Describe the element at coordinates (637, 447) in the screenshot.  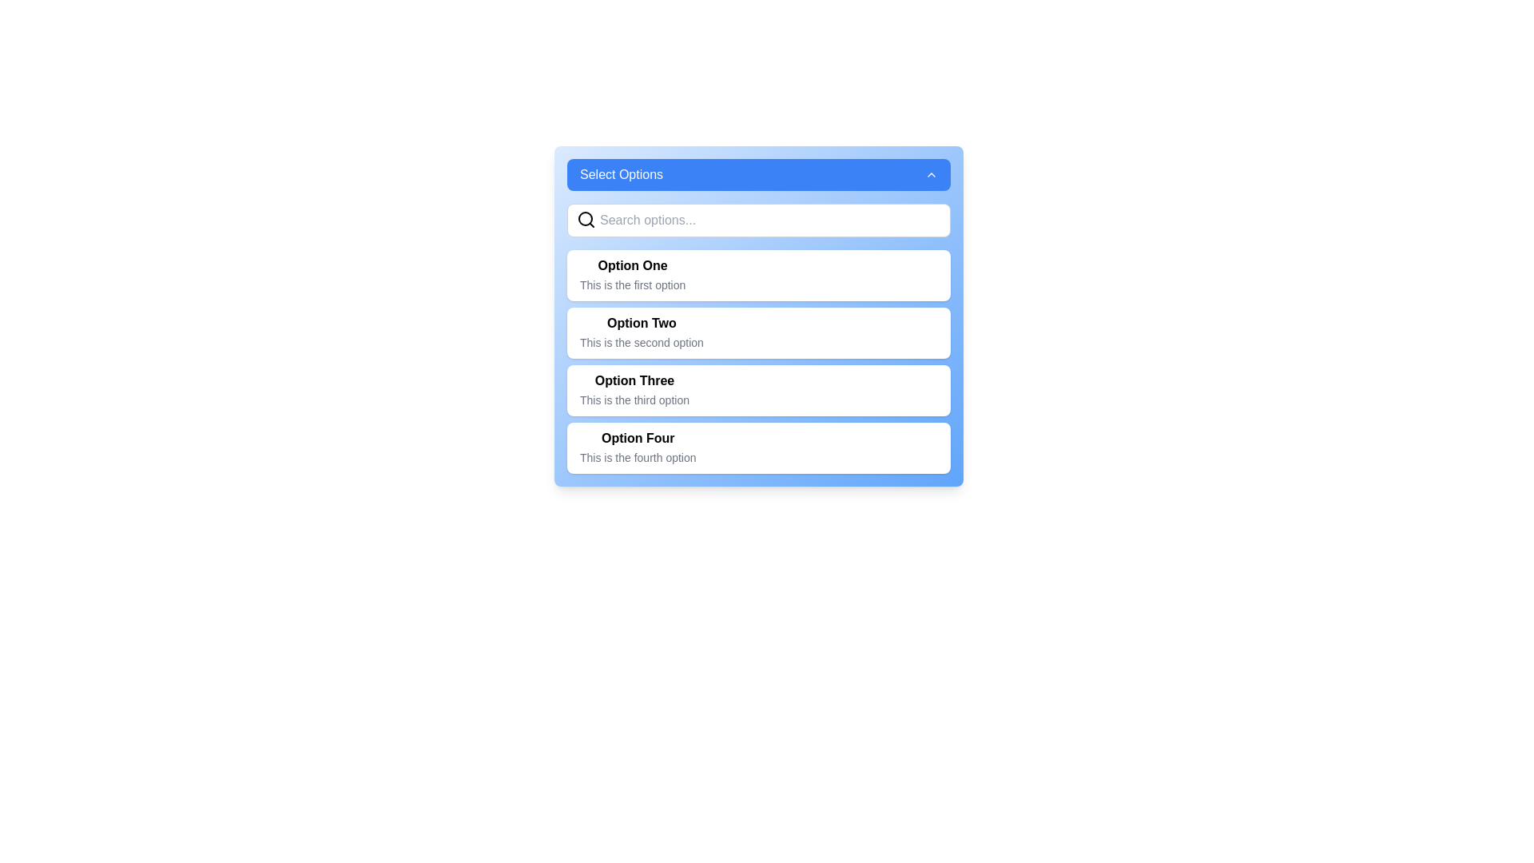
I see `the 'Option Four' text element in the dropdown menu` at that location.